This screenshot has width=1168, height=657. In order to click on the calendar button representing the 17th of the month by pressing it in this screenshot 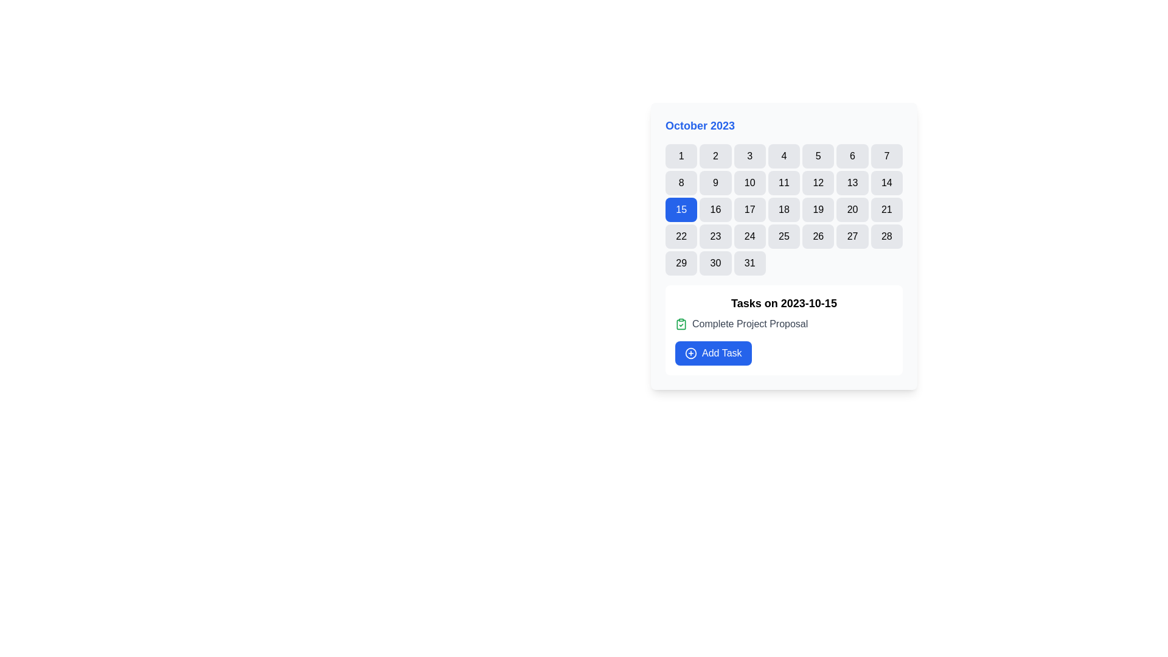, I will do `click(749, 209)`.